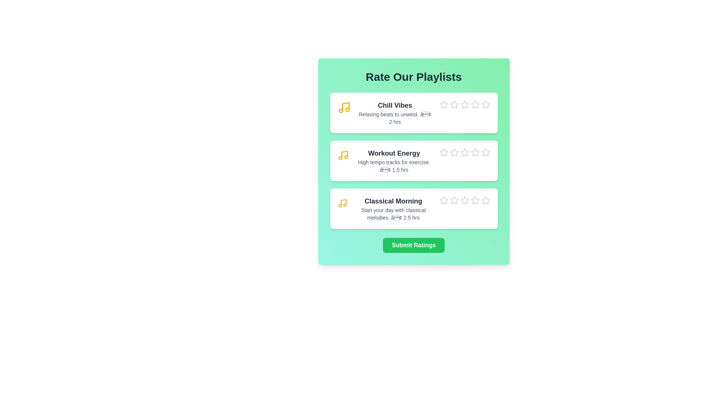  Describe the element at coordinates (470, 148) in the screenshot. I see `the star icon corresponding to 4 stars for the playlist Workout Energy` at that location.